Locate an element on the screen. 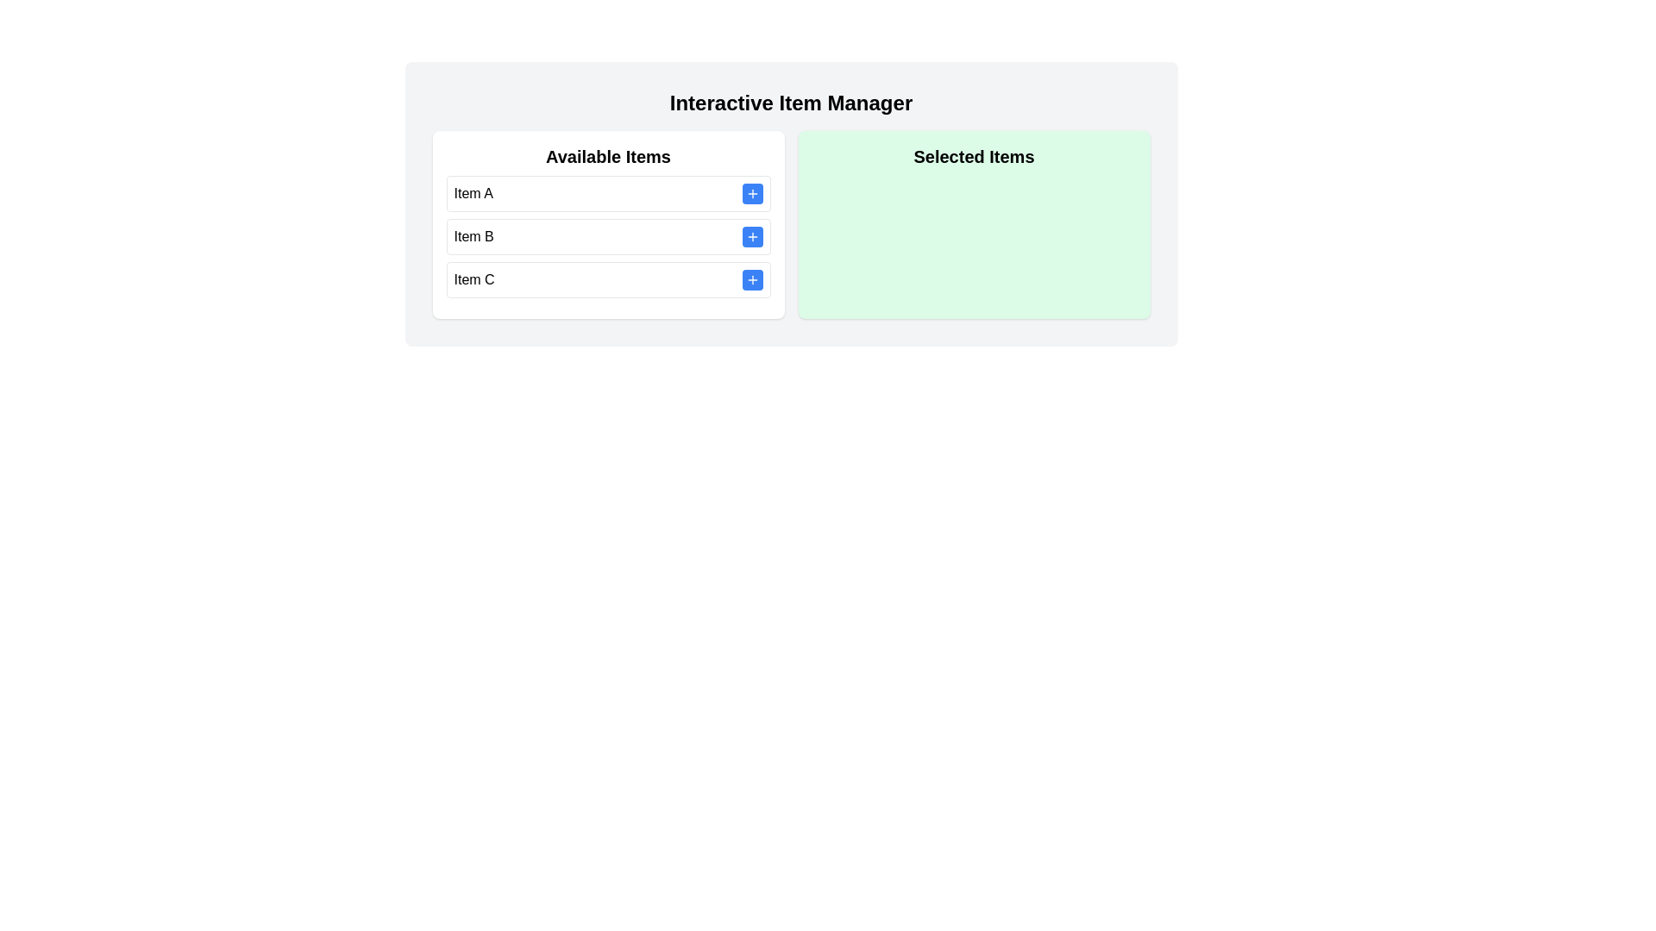 The image size is (1656, 931). the button with a blue background and a white 'plus' icon located next to 'Item C' in the 'Available Items' section is located at coordinates (752, 278).